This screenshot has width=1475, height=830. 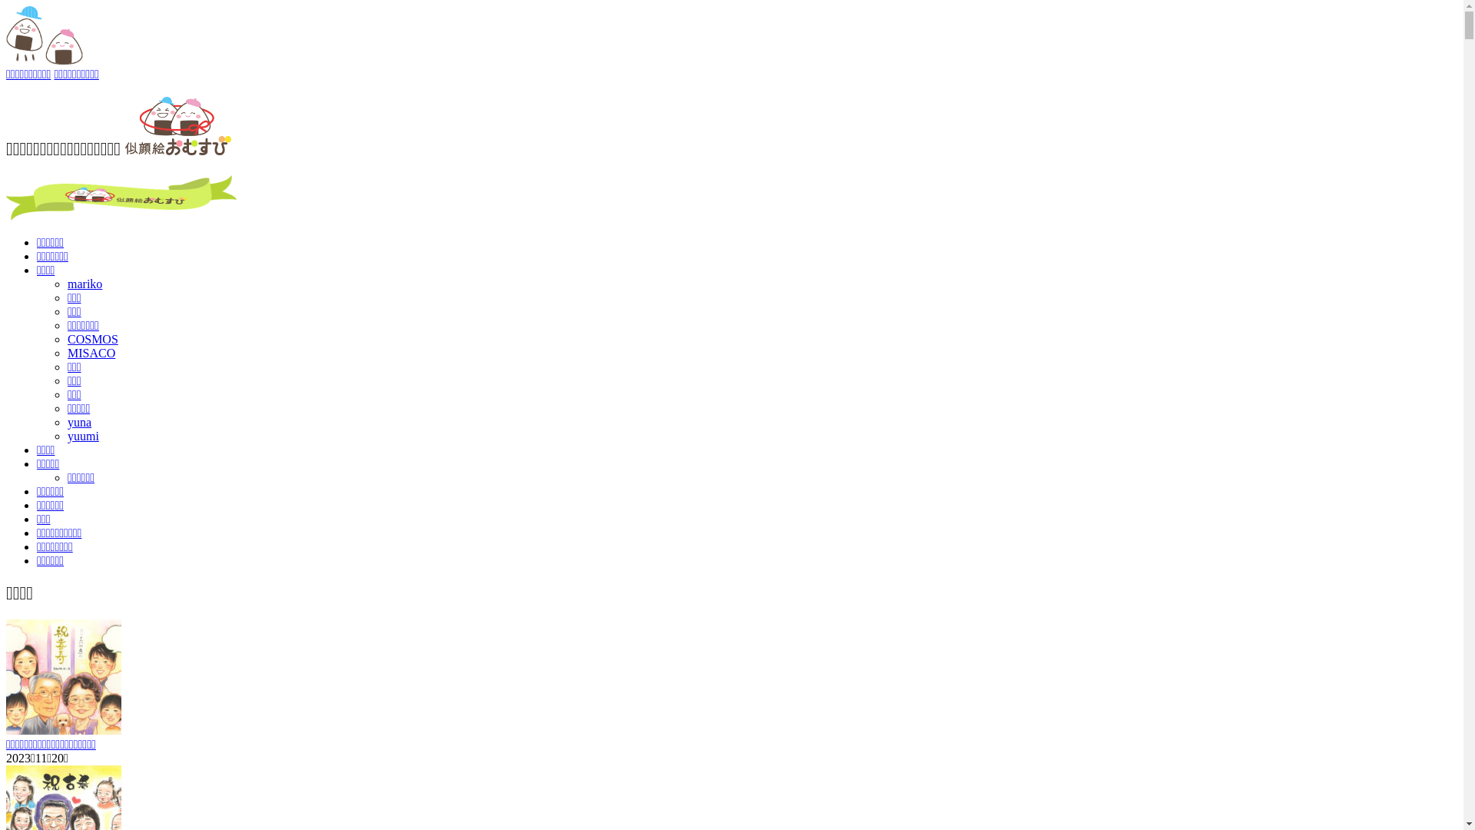 What do you see at coordinates (91, 338) in the screenshot?
I see `'COSMOS'` at bounding box center [91, 338].